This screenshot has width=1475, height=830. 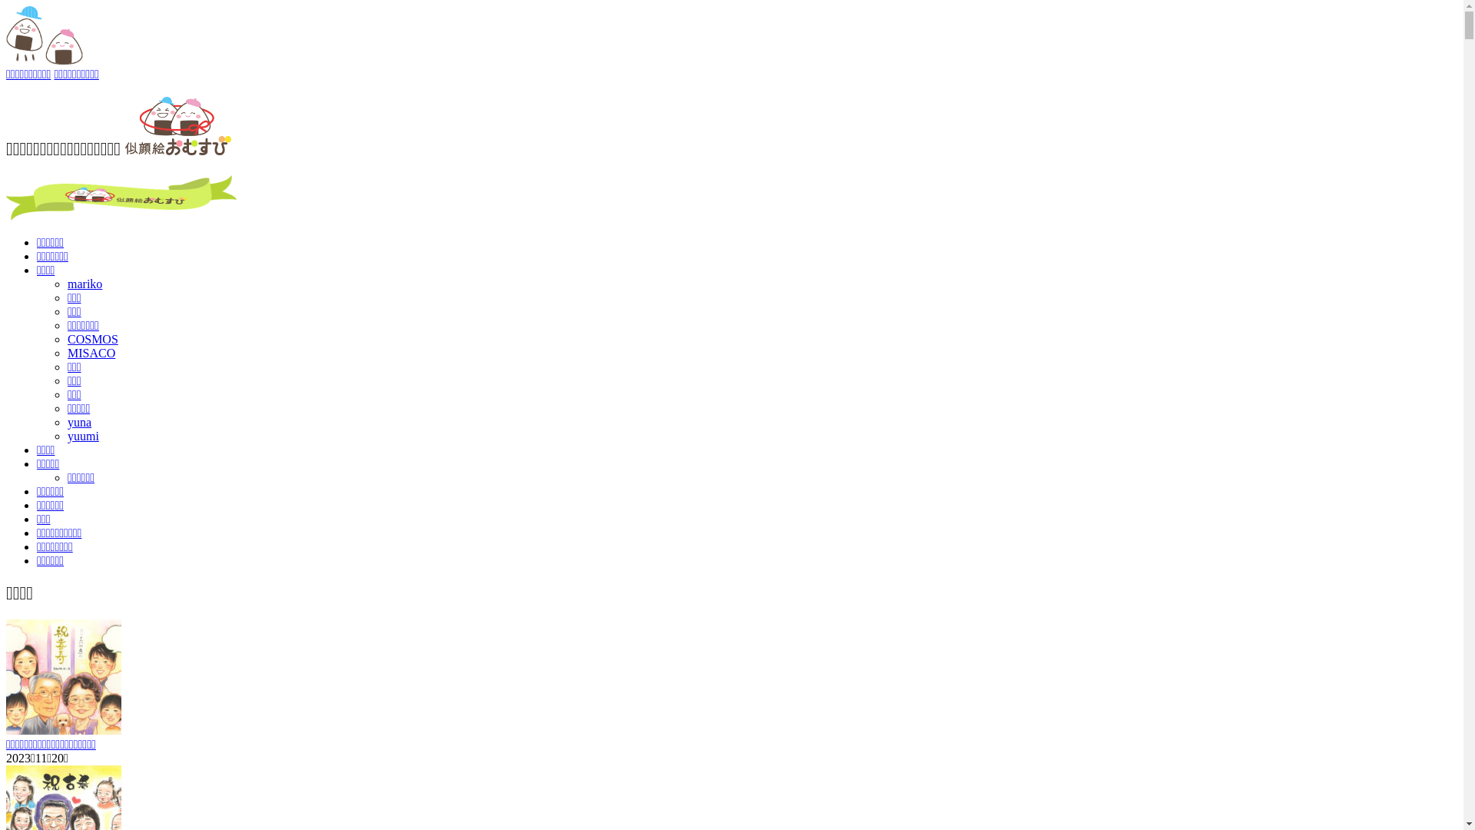 What do you see at coordinates (91, 338) in the screenshot?
I see `'COSMOS'` at bounding box center [91, 338].